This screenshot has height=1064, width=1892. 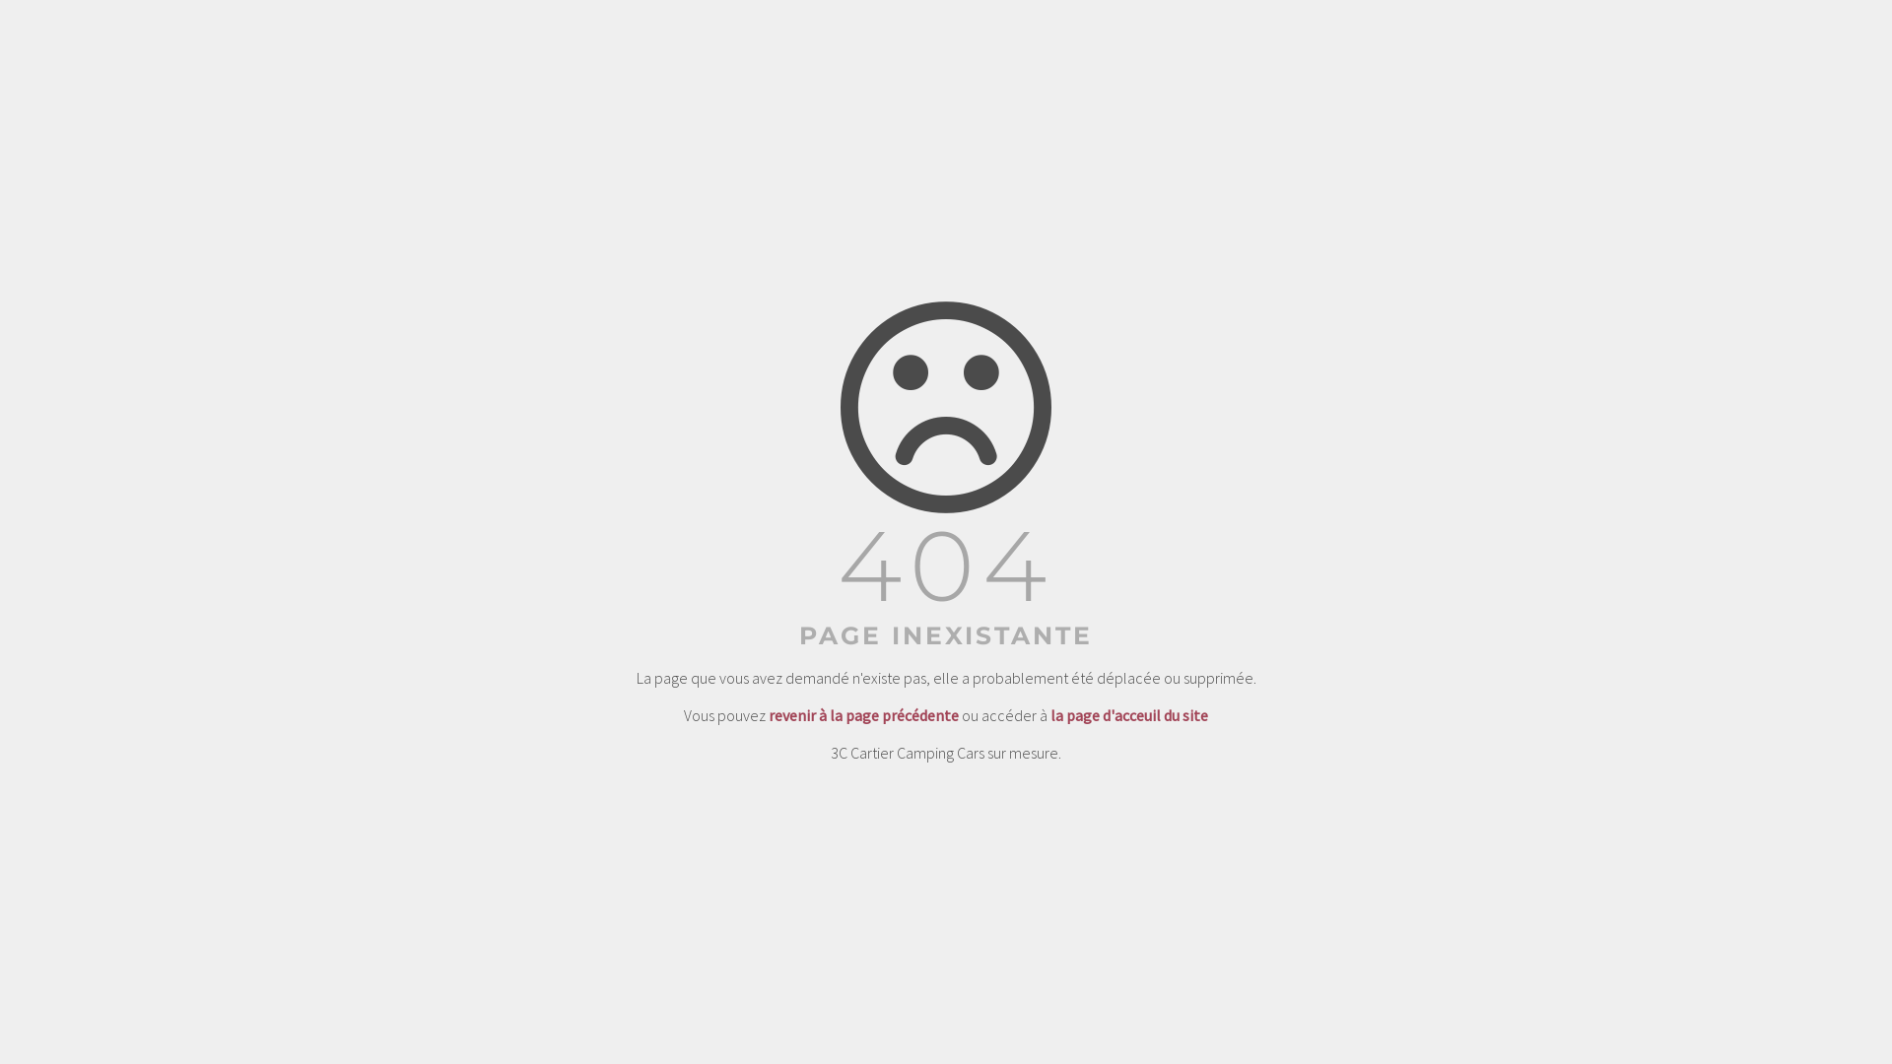 I want to click on 'la page d'acceuil du site', so click(x=1129, y=714).